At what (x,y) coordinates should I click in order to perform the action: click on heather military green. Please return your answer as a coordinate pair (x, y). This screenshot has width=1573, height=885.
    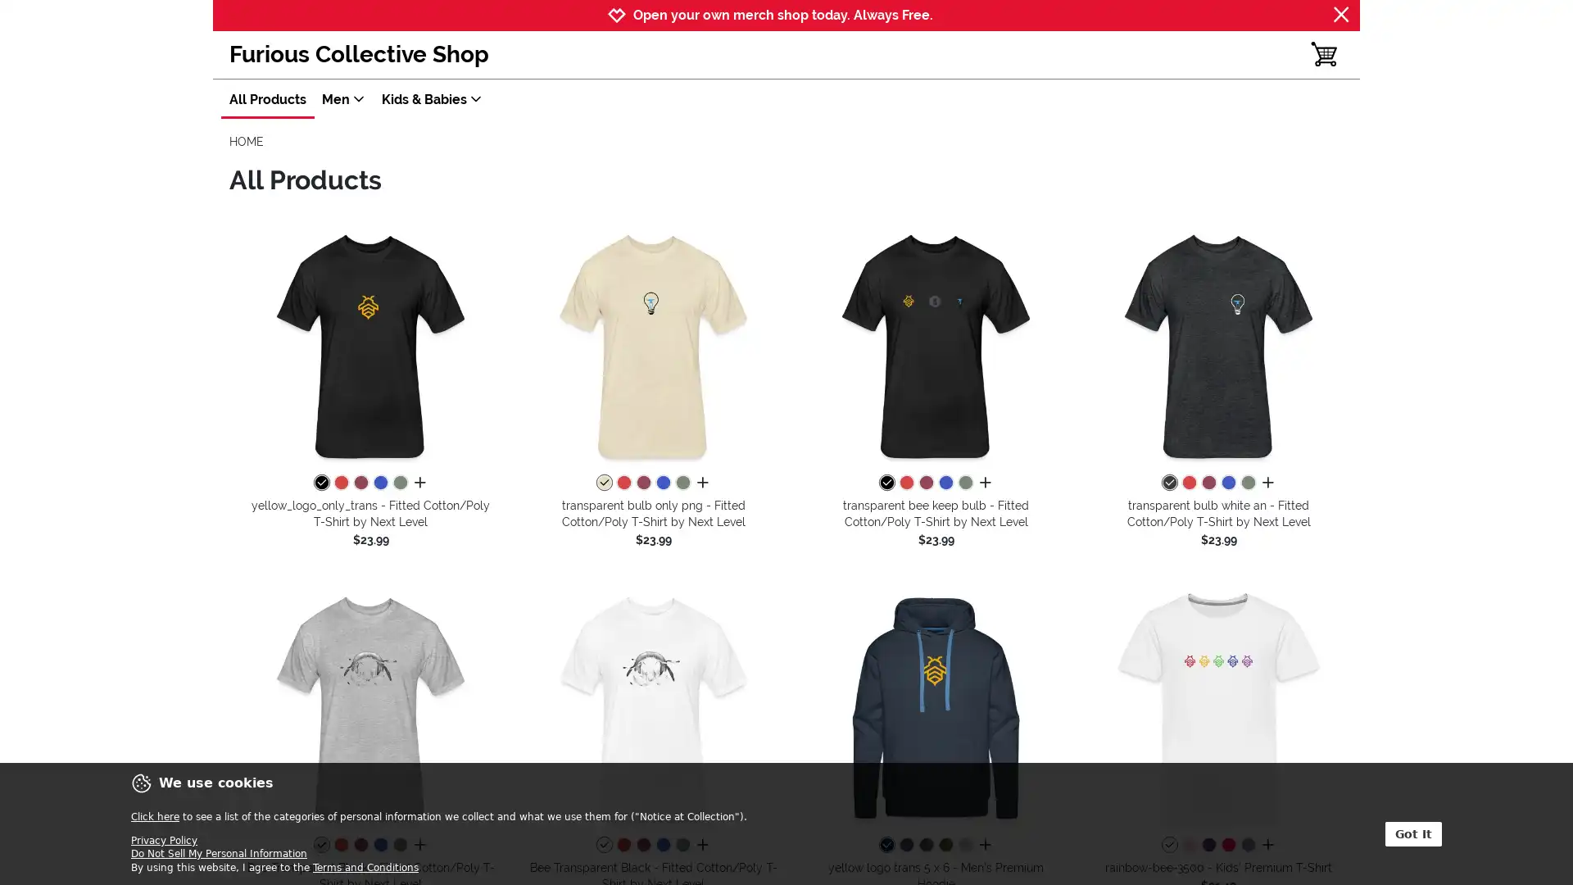
    Looking at the image, I should click on (682, 483).